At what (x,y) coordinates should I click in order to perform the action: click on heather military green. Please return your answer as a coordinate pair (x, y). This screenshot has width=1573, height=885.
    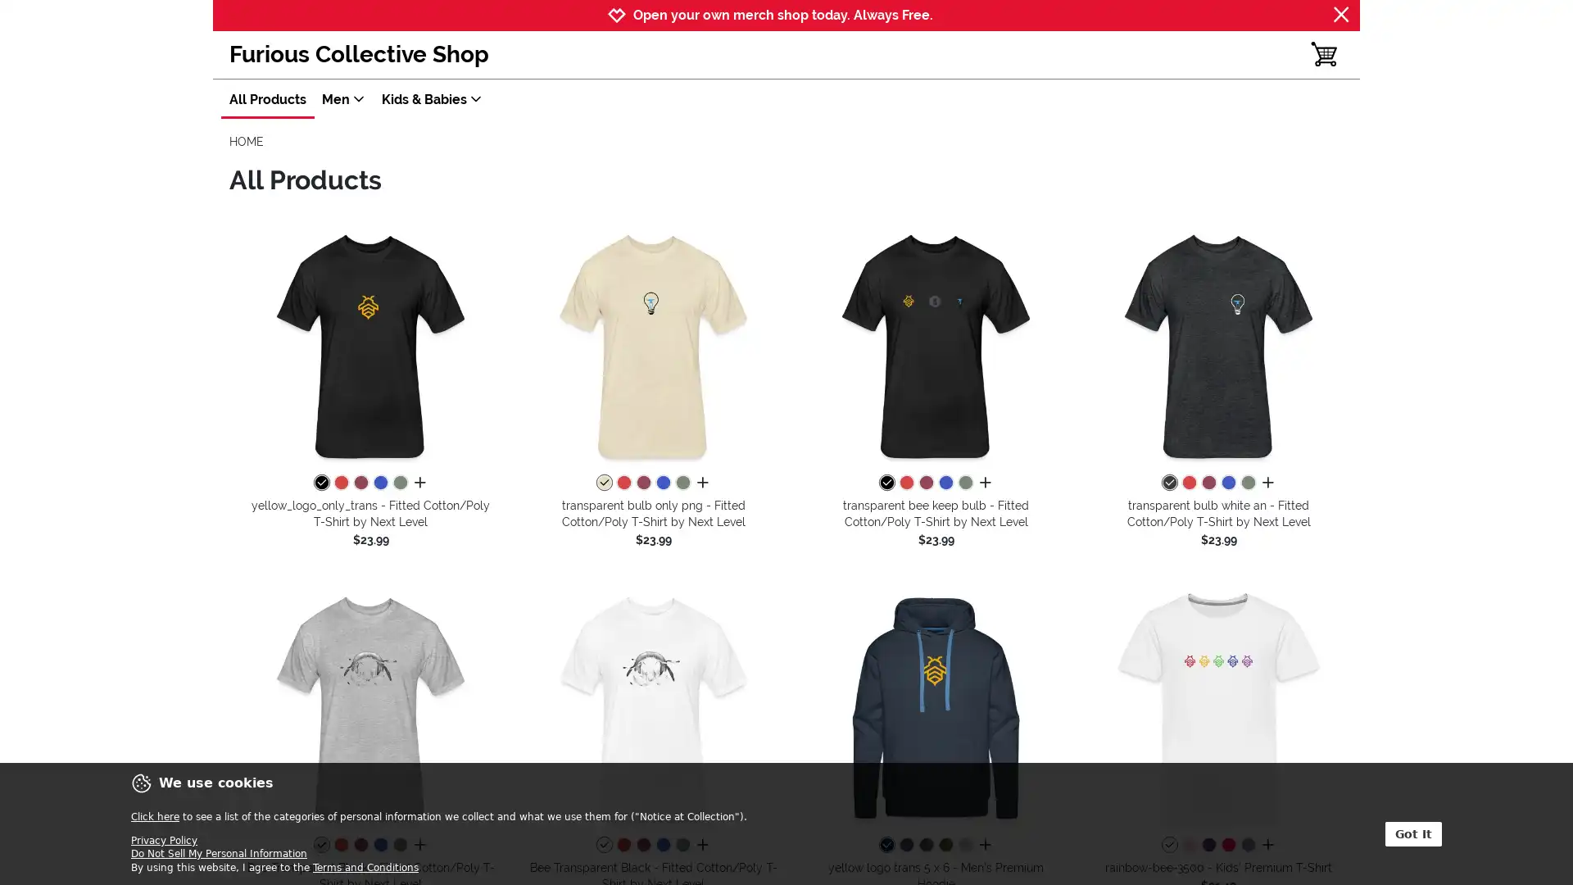
    Looking at the image, I should click on (682, 483).